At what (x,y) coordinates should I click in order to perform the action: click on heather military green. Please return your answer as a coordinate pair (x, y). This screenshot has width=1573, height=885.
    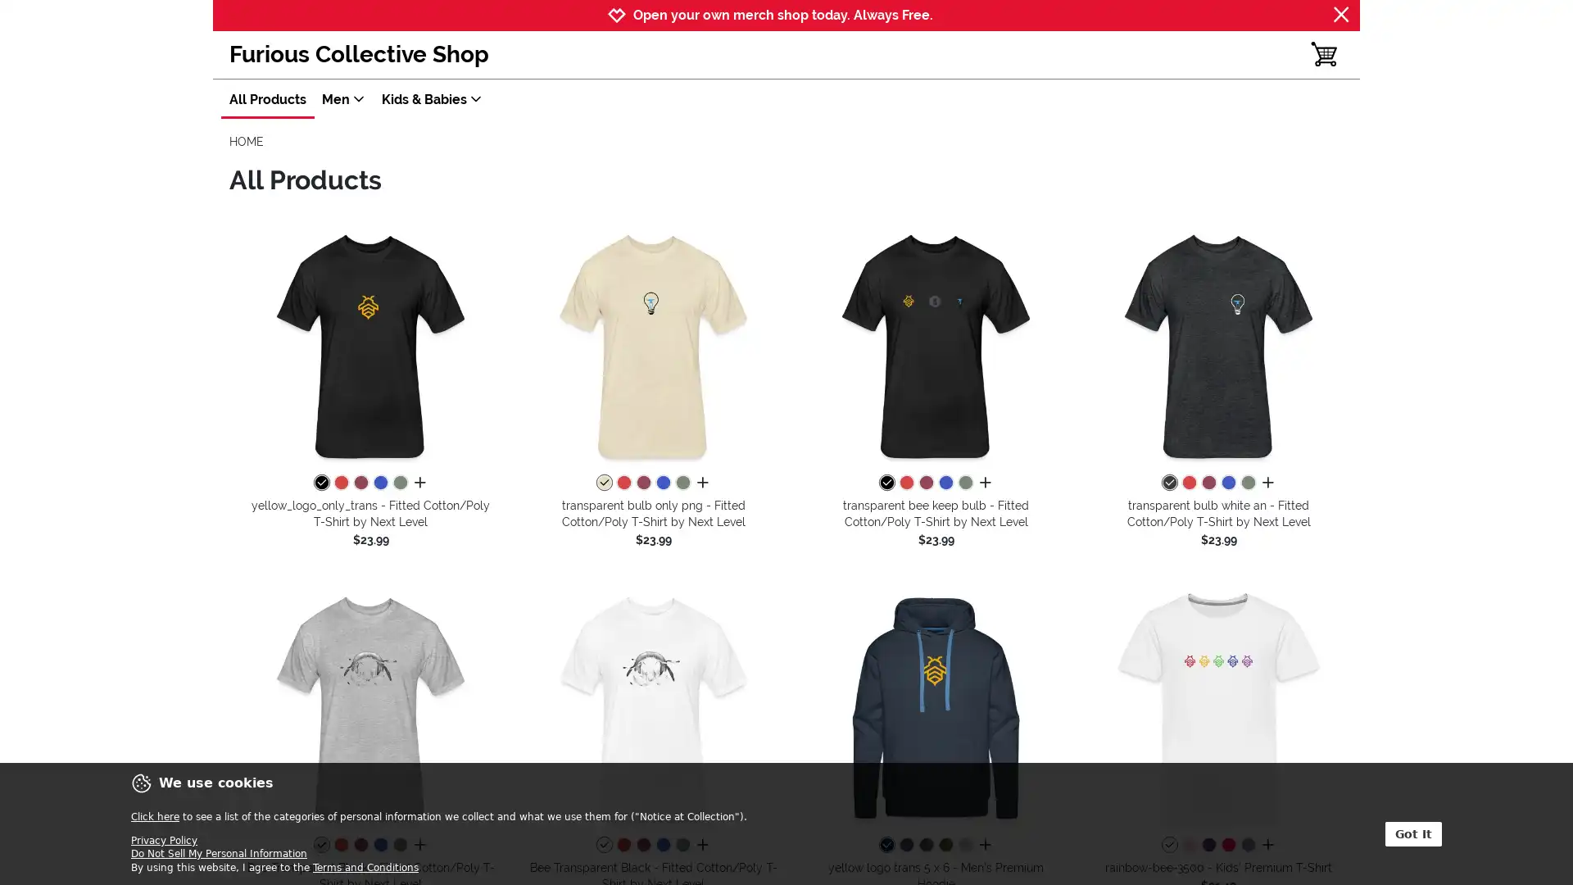
    Looking at the image, I should click on (682, 483).